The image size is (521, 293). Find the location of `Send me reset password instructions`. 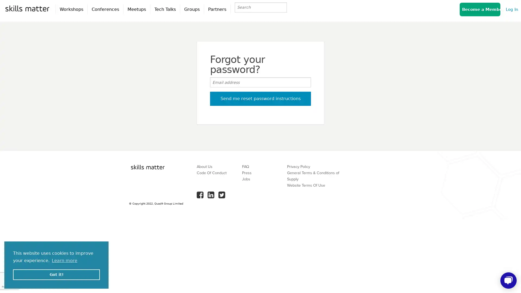

Send me reset password instructions is located at coordinates (260, 98).